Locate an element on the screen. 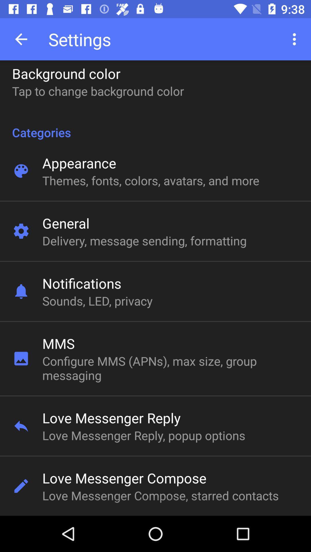  categories icon is located at coordinates (155, 126).